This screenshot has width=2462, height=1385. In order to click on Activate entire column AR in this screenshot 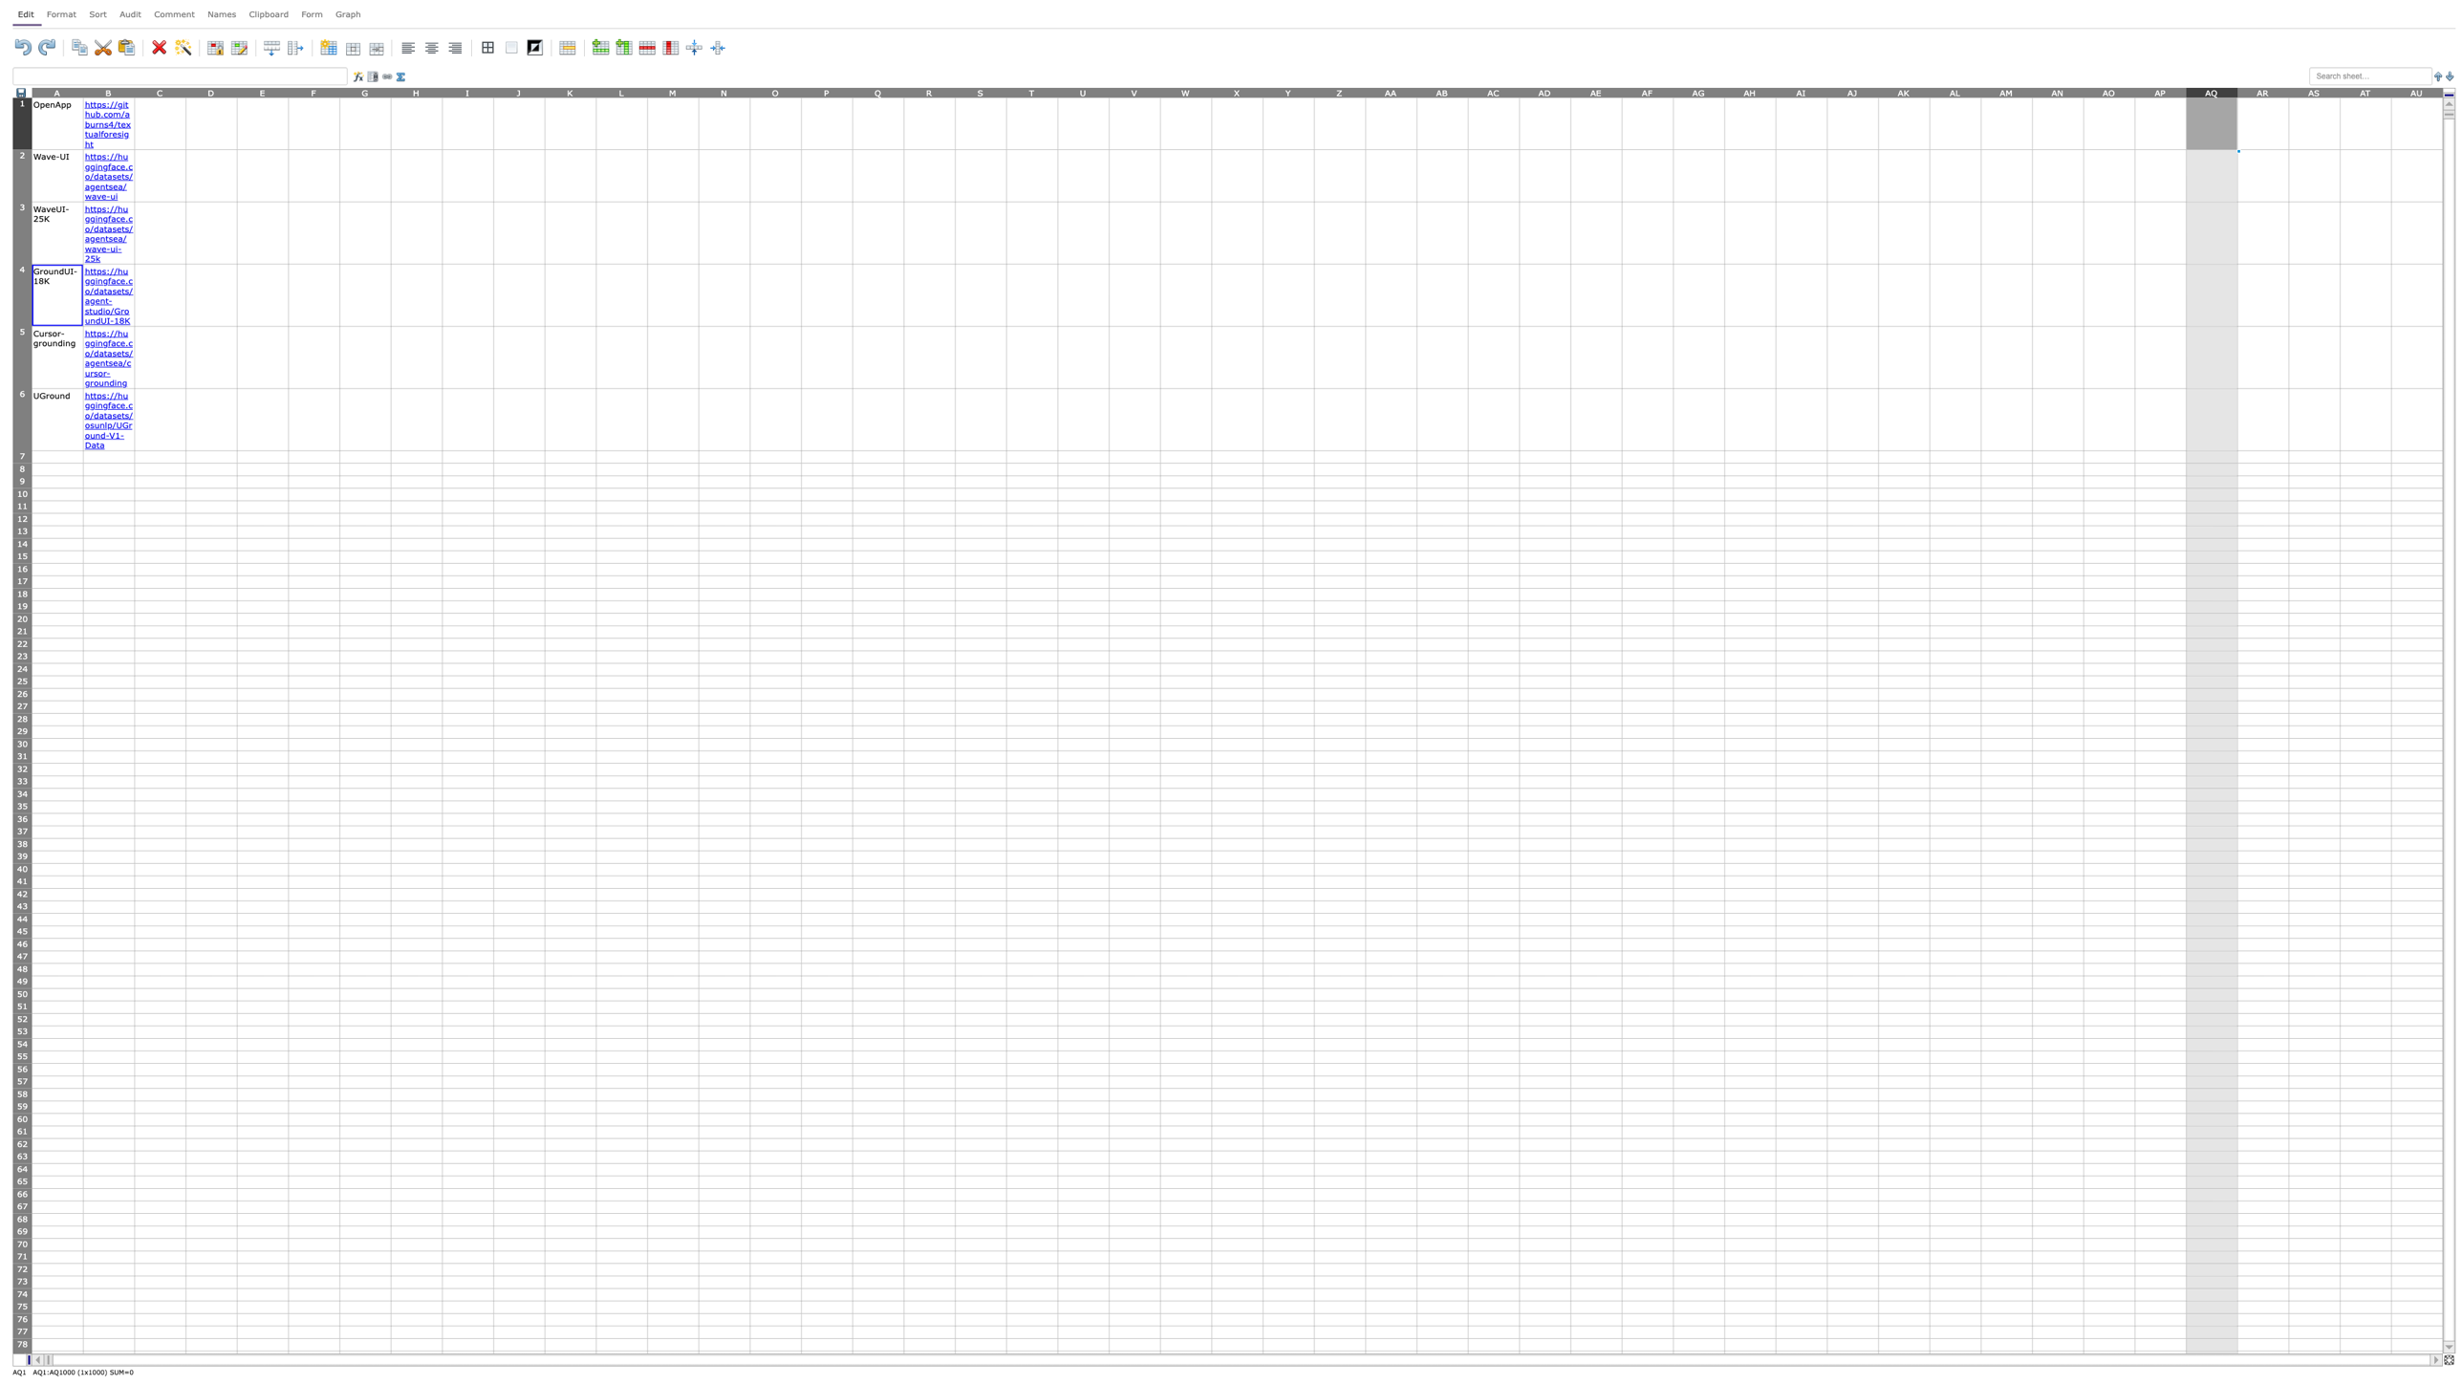, I will do `click(2263, 91)`.